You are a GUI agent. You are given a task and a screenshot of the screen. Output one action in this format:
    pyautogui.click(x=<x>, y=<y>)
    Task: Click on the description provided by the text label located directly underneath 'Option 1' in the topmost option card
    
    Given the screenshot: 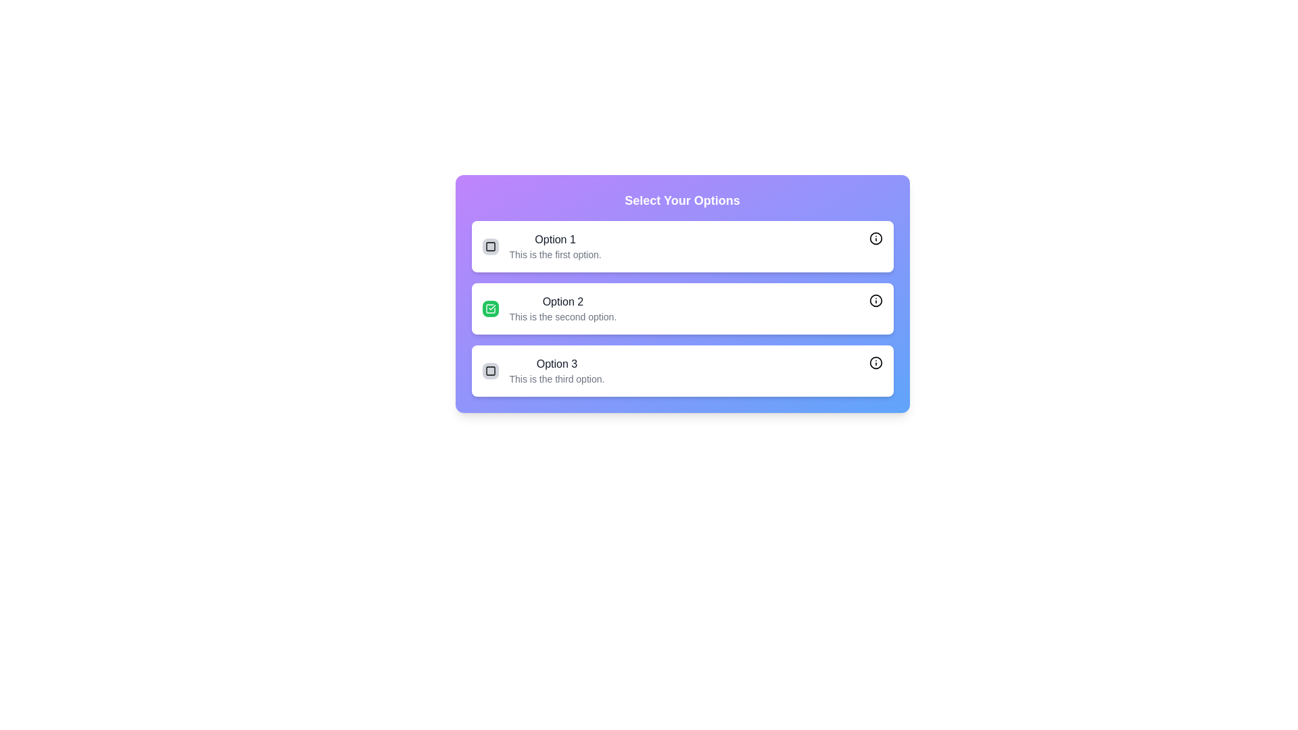 What is the action you would take?
    pyautogui.click(x=555, y=255)
    